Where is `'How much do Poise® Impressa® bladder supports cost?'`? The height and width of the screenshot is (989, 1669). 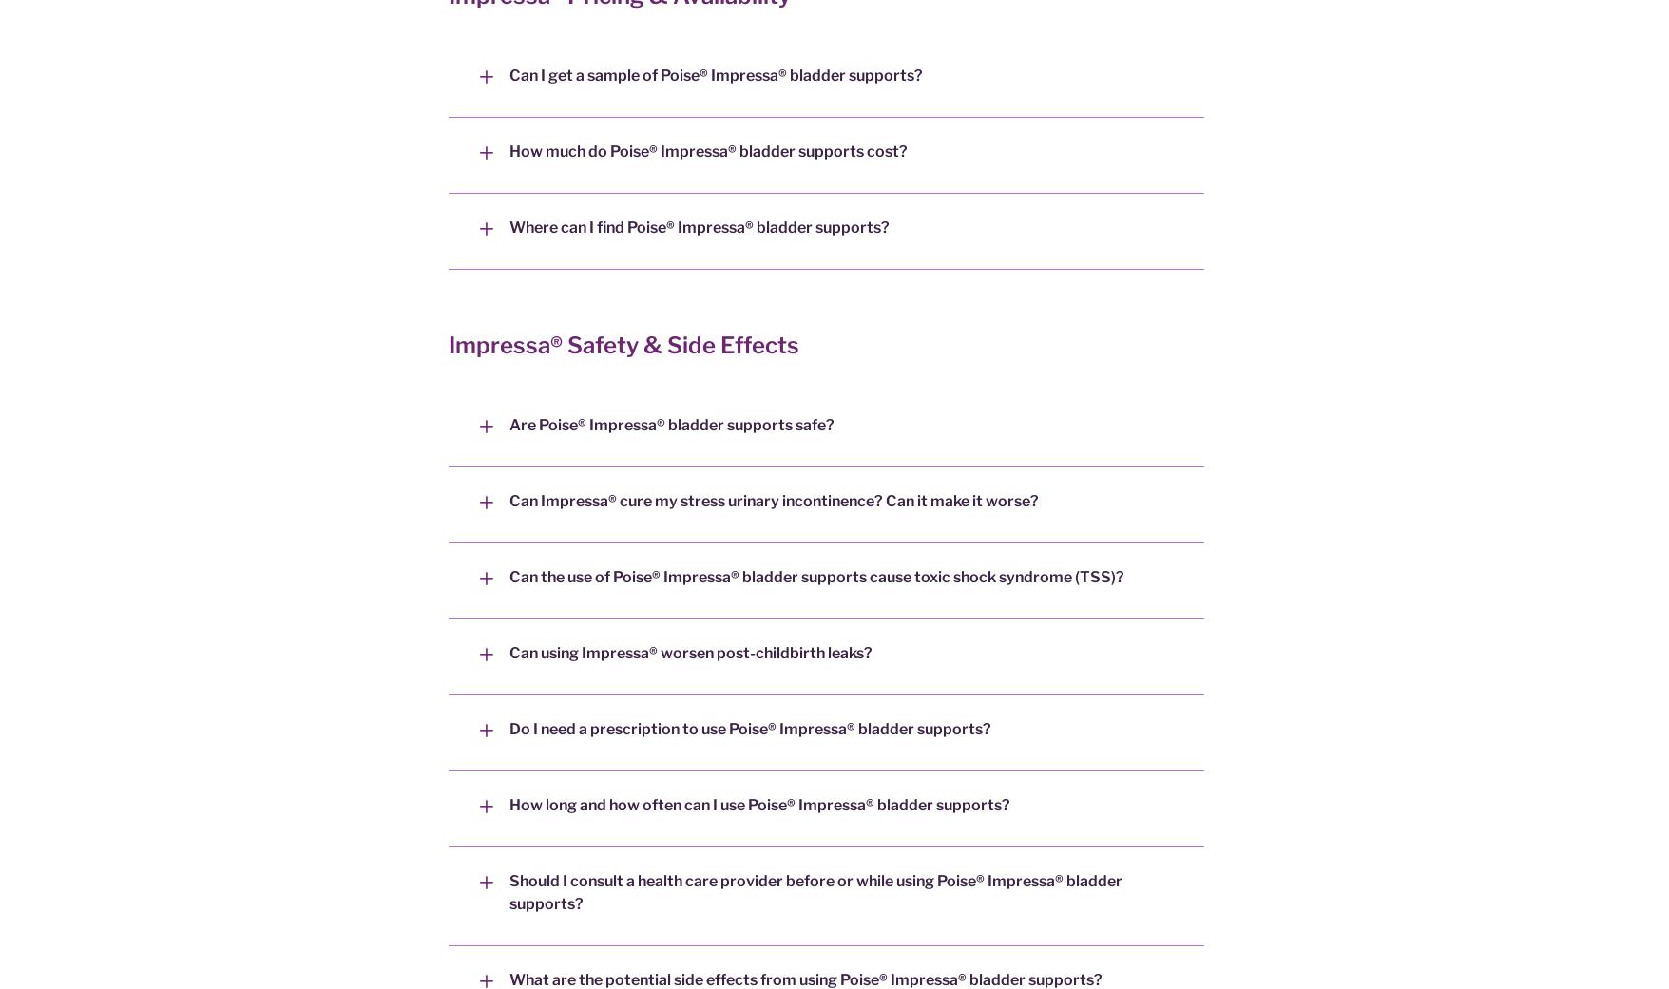 'How much do Poise® Impressa® bladder supports cost?' is located at coordinates (708, 151).